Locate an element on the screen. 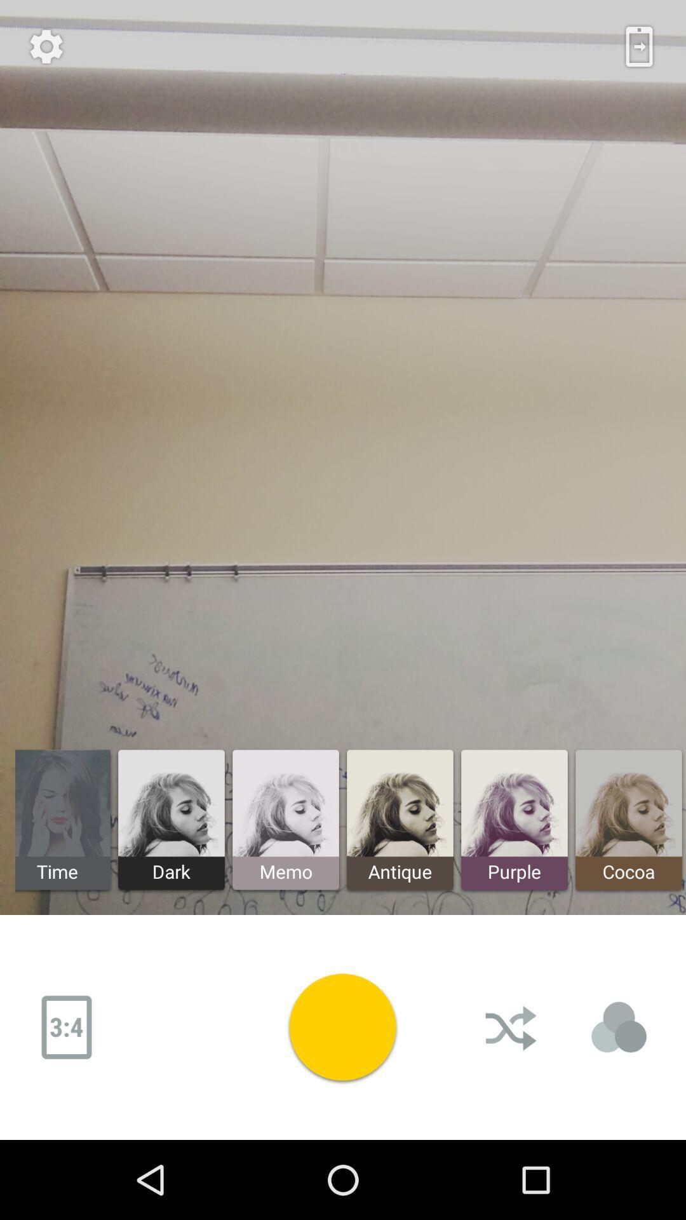  the icon below purple is located at coordinates (511, 1027).